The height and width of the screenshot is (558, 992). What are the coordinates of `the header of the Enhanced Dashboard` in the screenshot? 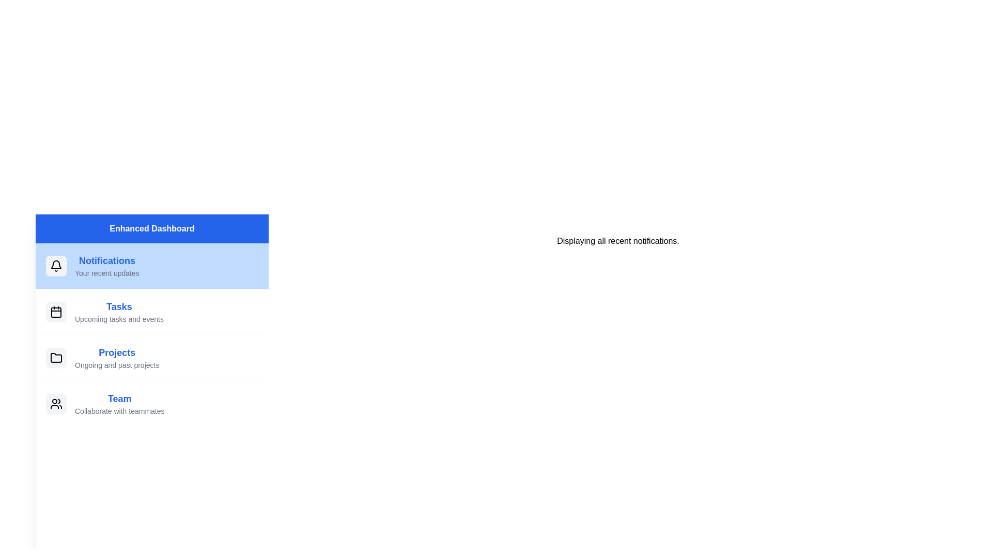 It's located at (151, 228).